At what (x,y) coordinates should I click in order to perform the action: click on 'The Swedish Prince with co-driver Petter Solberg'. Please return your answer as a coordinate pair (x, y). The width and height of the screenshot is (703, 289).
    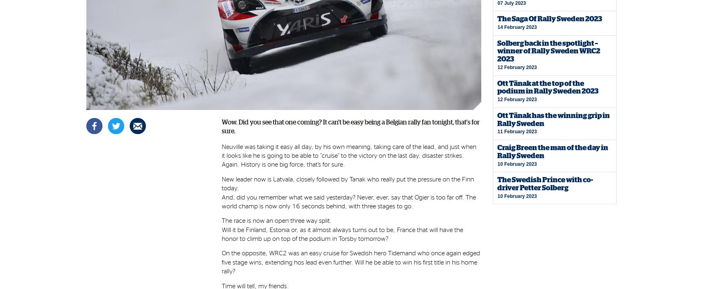
    Looking at the image, I should click on (545, 183).